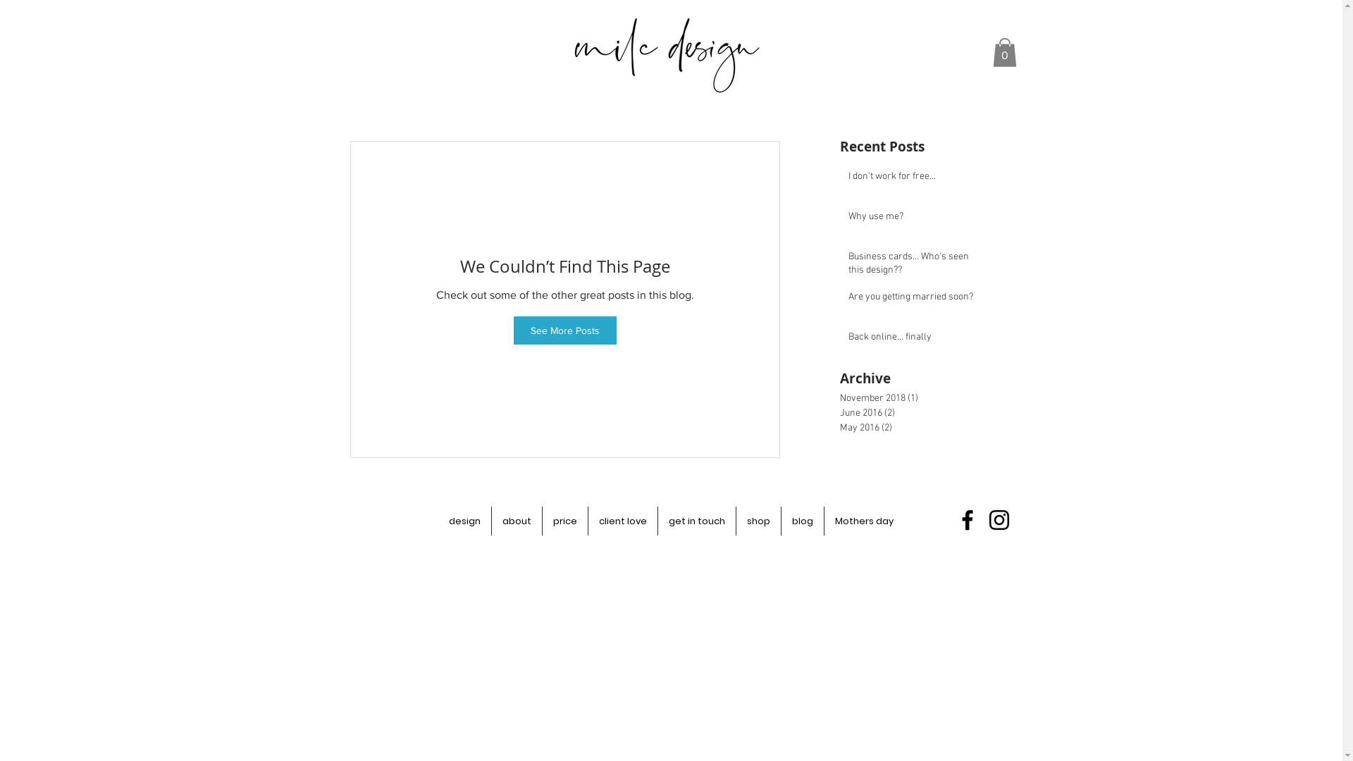 Image resolution: width=1353 pixels, height=761 pixels. Describe the element at coordinates (863, 521) in the screenshot. I see `'Mothers day'` at that location.